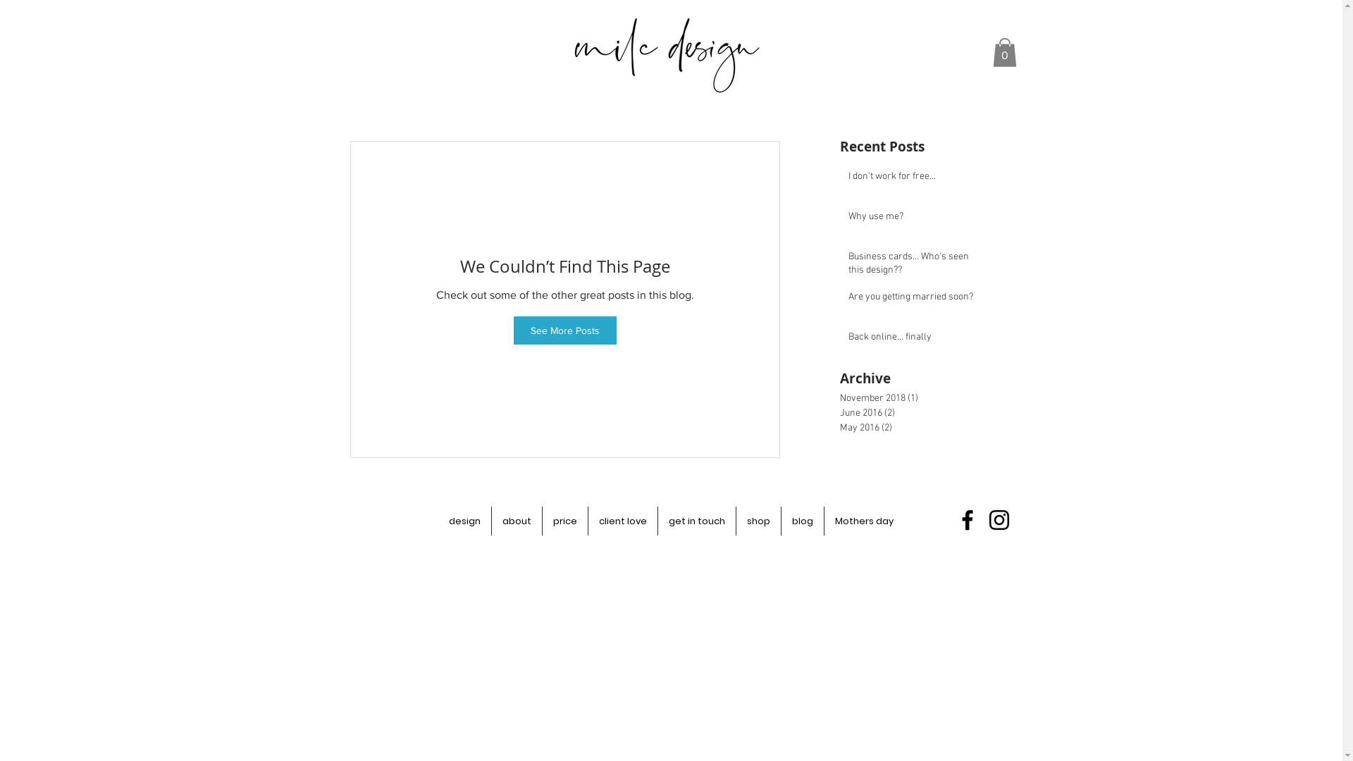 Image resolution: width=1353 pixels, height=761 pixels. Describe the element at coordinates (863, 521) in the screenshot. I see `'Mothers day'` at that location.